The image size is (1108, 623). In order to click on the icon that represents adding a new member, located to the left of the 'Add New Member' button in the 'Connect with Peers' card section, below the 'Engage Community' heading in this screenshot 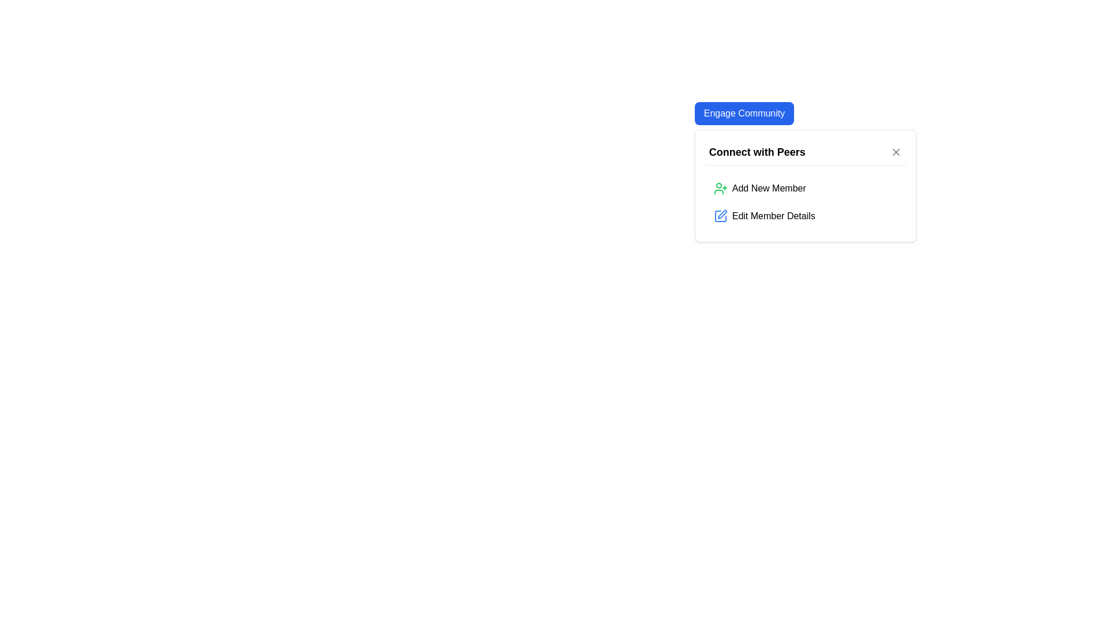, I will do `click(720, 188)`.